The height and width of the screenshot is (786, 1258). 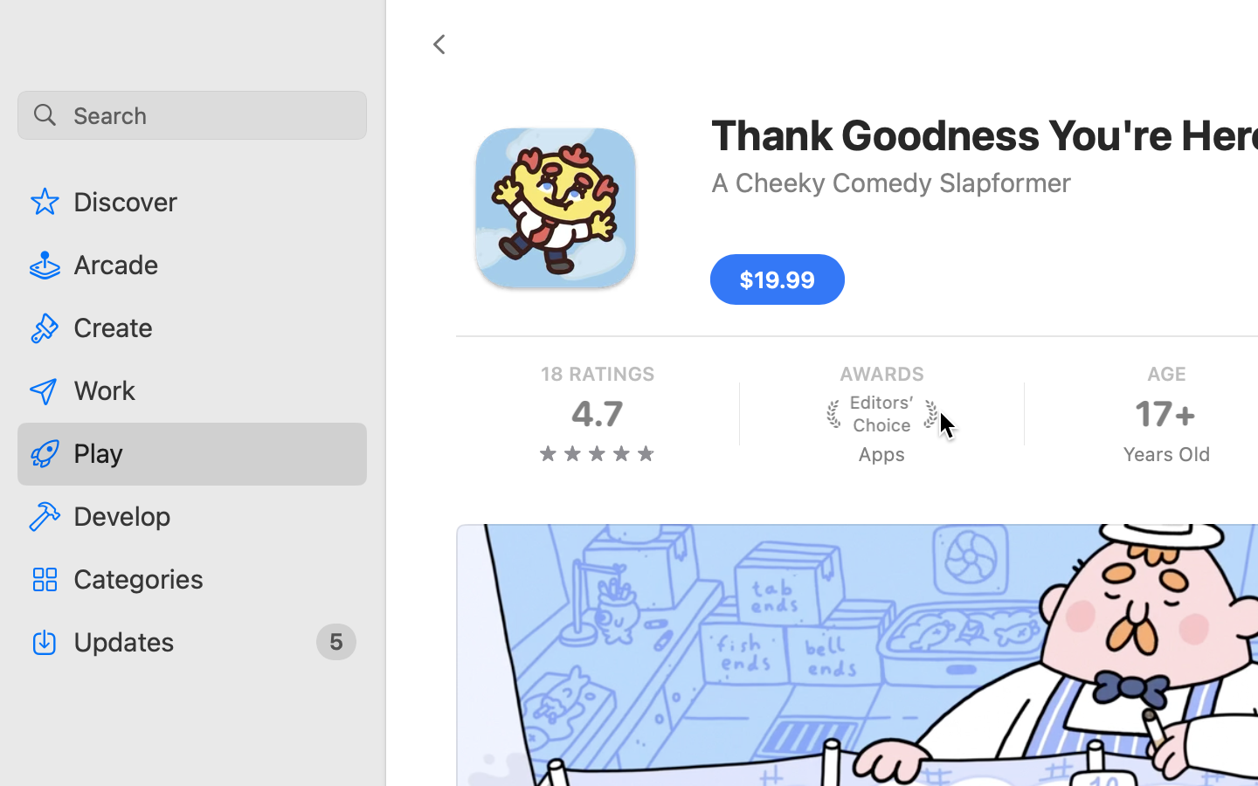 I want to click on '18 RATINGS', so click(x=598, y=374).